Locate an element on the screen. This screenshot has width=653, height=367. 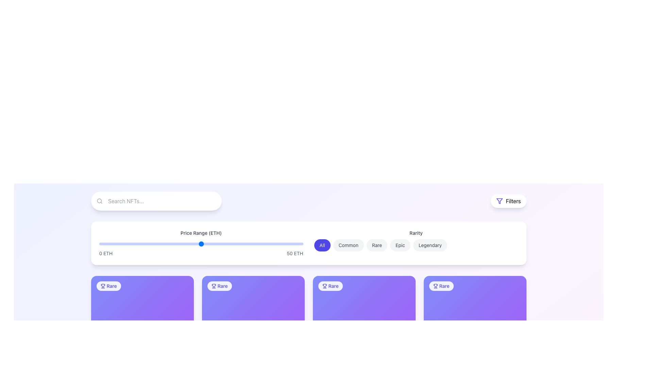
the 'Rarity' label which is styled with a small gray font on a white background, positioned above a row of selectable buttons is located at coordinates (416, 233).